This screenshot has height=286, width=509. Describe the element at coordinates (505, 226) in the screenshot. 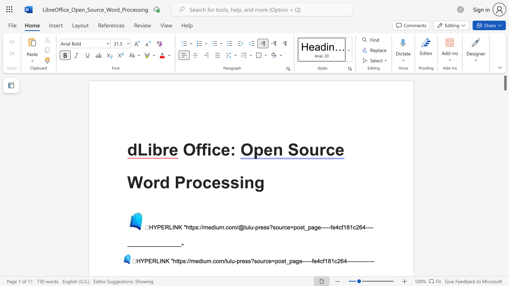

I see `the right-hand scrollbar to descend the page` at that location.